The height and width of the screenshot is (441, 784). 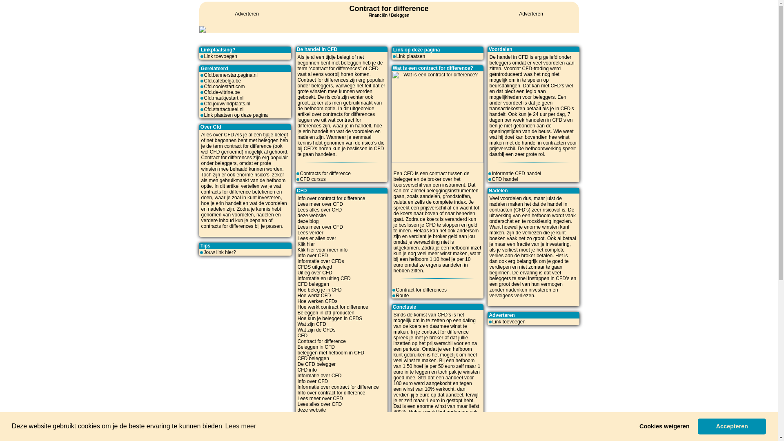 What do you see at coordinates (312, 381) in the screenshot?
I see `'Info over CFD'` at bounding box center [312, 381].